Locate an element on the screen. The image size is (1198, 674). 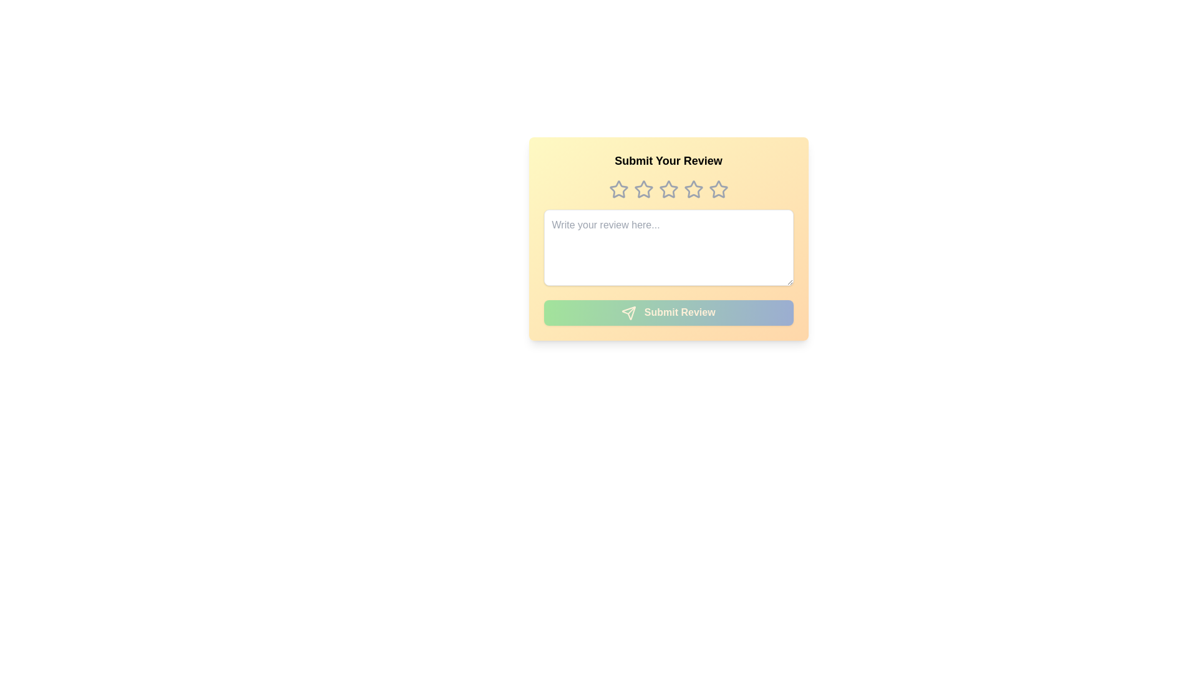
the second gray star in the row of five stars to rate the review is located at coordinates (643, 189).